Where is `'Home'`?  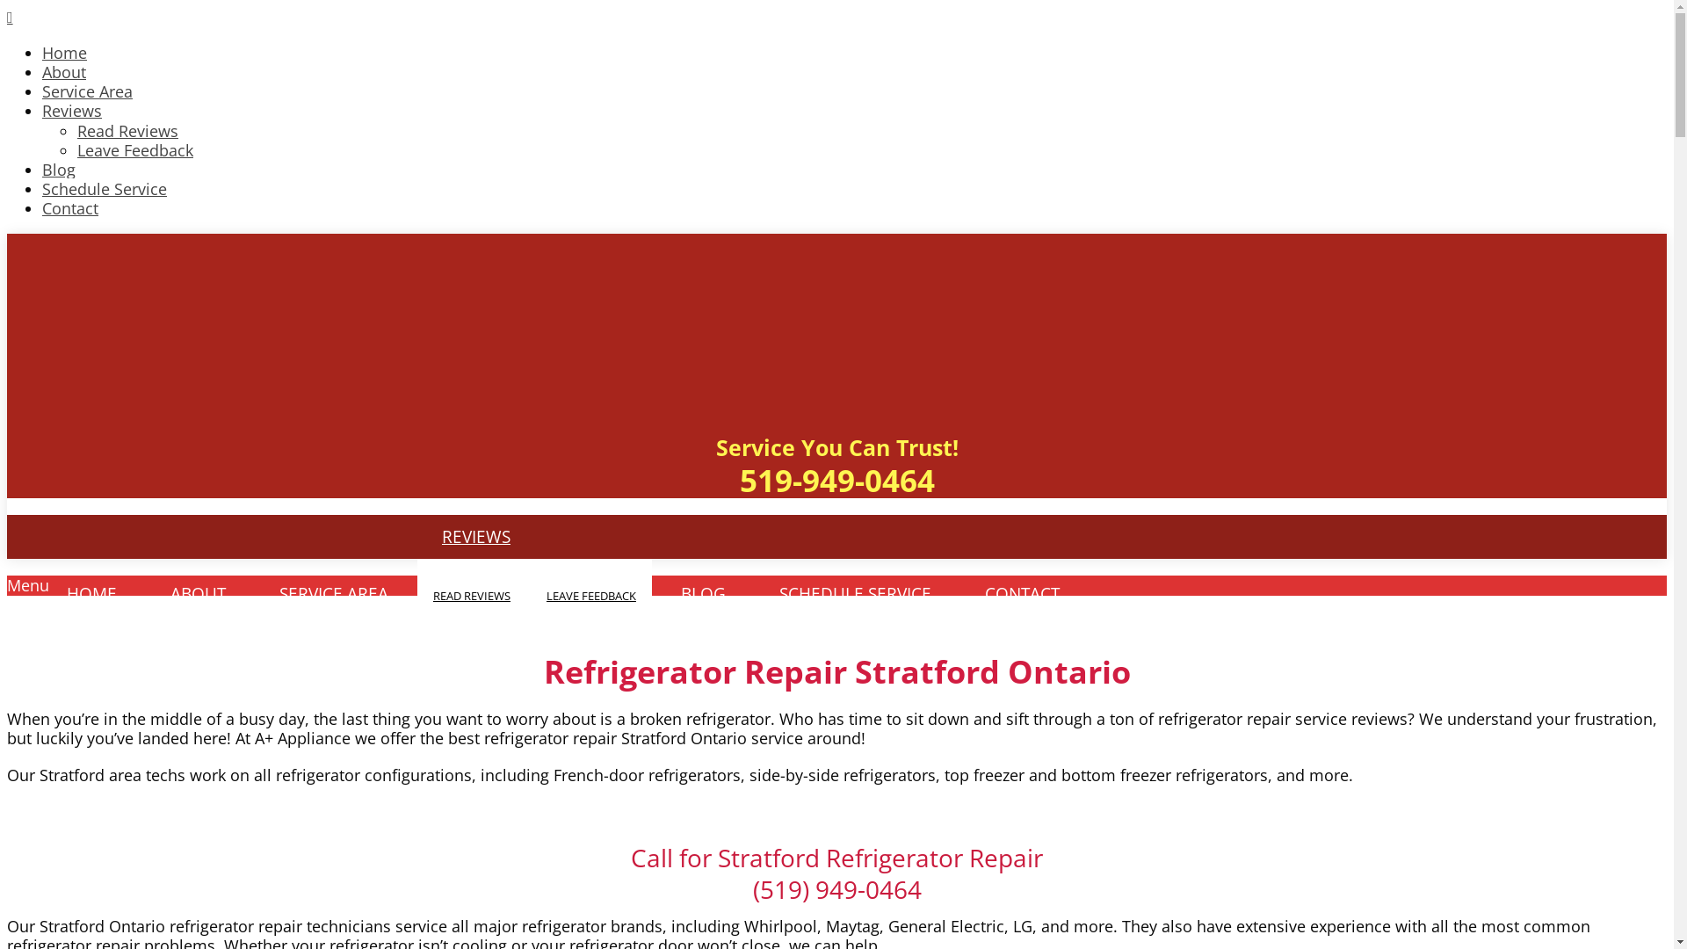 'Home' is located at coordinates (64, 52).